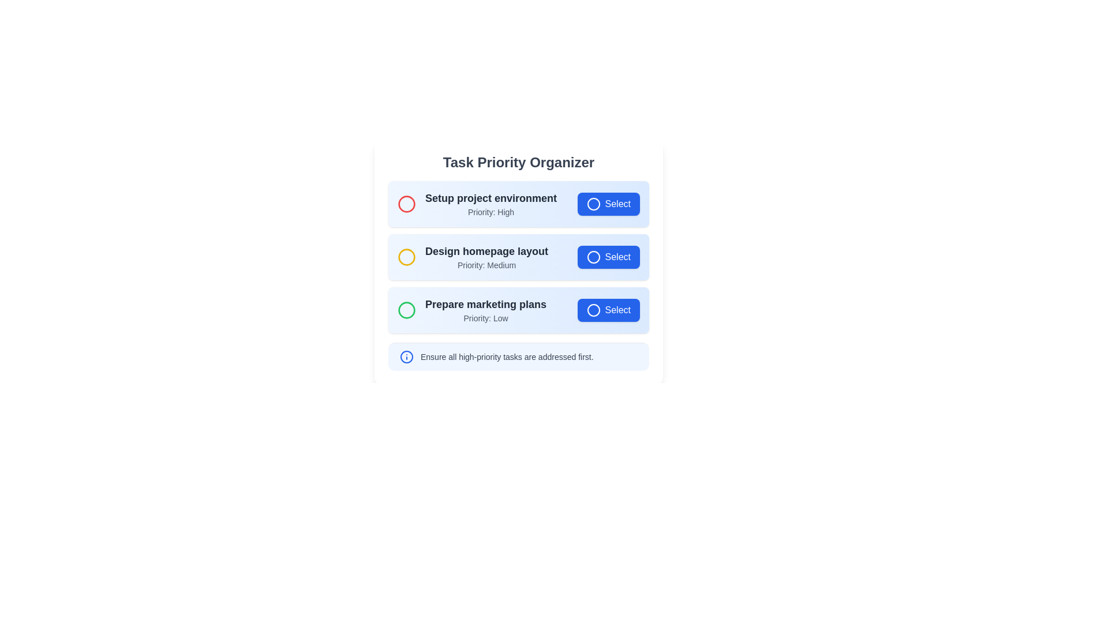 The height and width of the screenshot is (623, 1108). I want to click on the text display element that shows the task's name and priority level, located in the third task entry of the 'Task Priority Organizer', between 'Design homepage layout' and the 'Select' button, so click(472, 309).